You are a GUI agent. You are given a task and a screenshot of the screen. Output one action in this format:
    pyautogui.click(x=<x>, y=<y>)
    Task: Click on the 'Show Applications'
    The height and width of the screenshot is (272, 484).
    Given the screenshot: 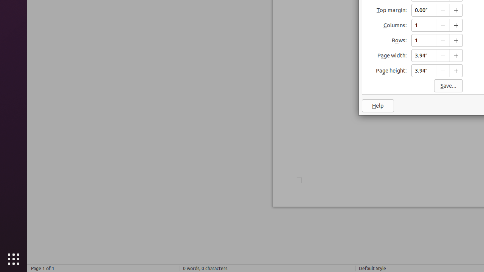 What is the action you would take?
    pyautogui.click(x=13, y=259)
    